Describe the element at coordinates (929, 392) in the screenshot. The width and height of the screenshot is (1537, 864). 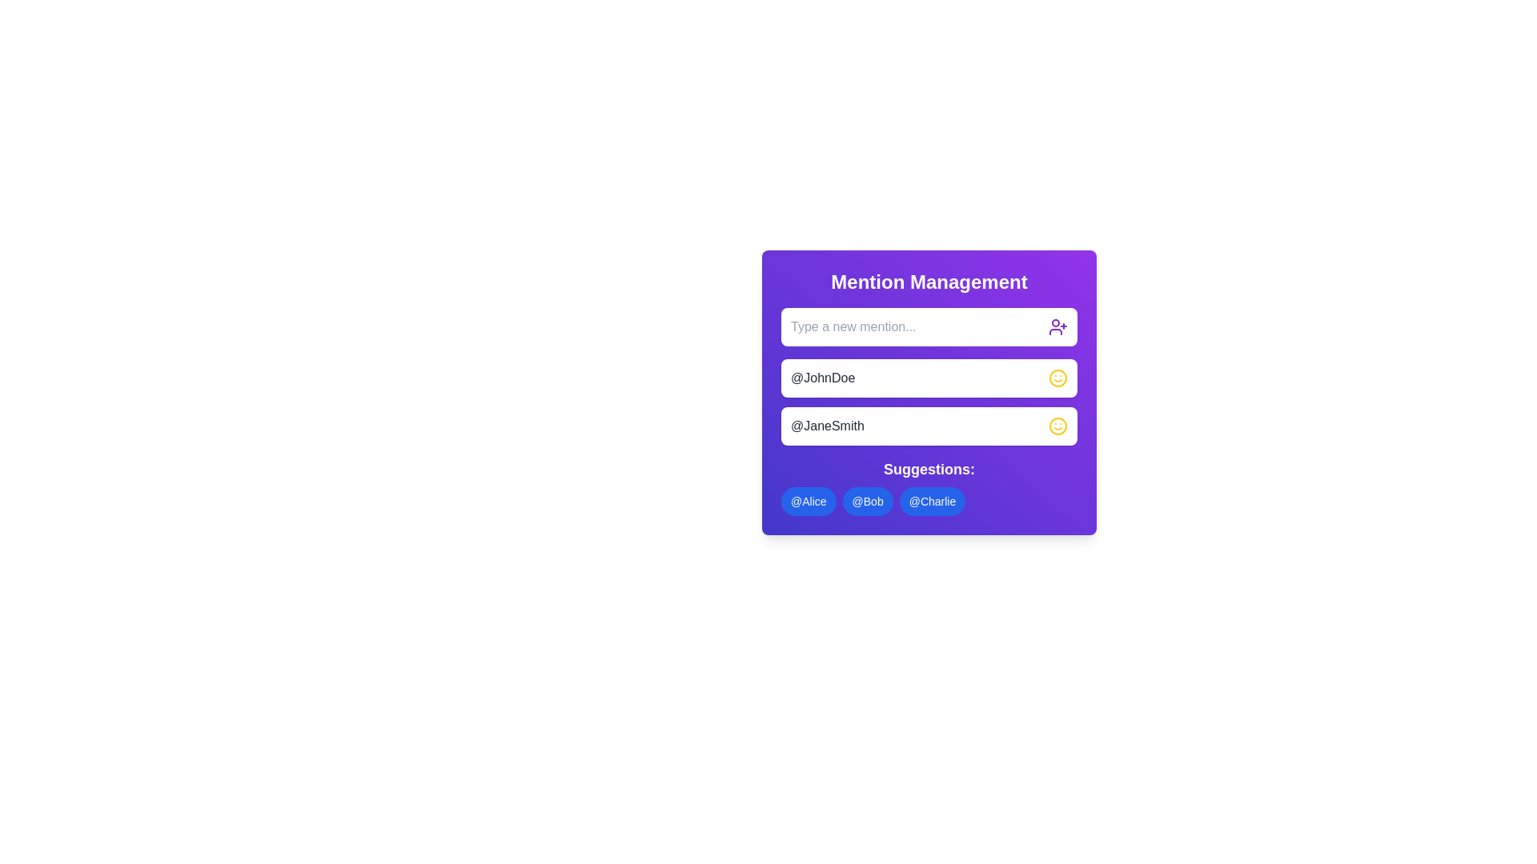
I see `the mention entry displaying the username '@JohnDoe'` at that location.